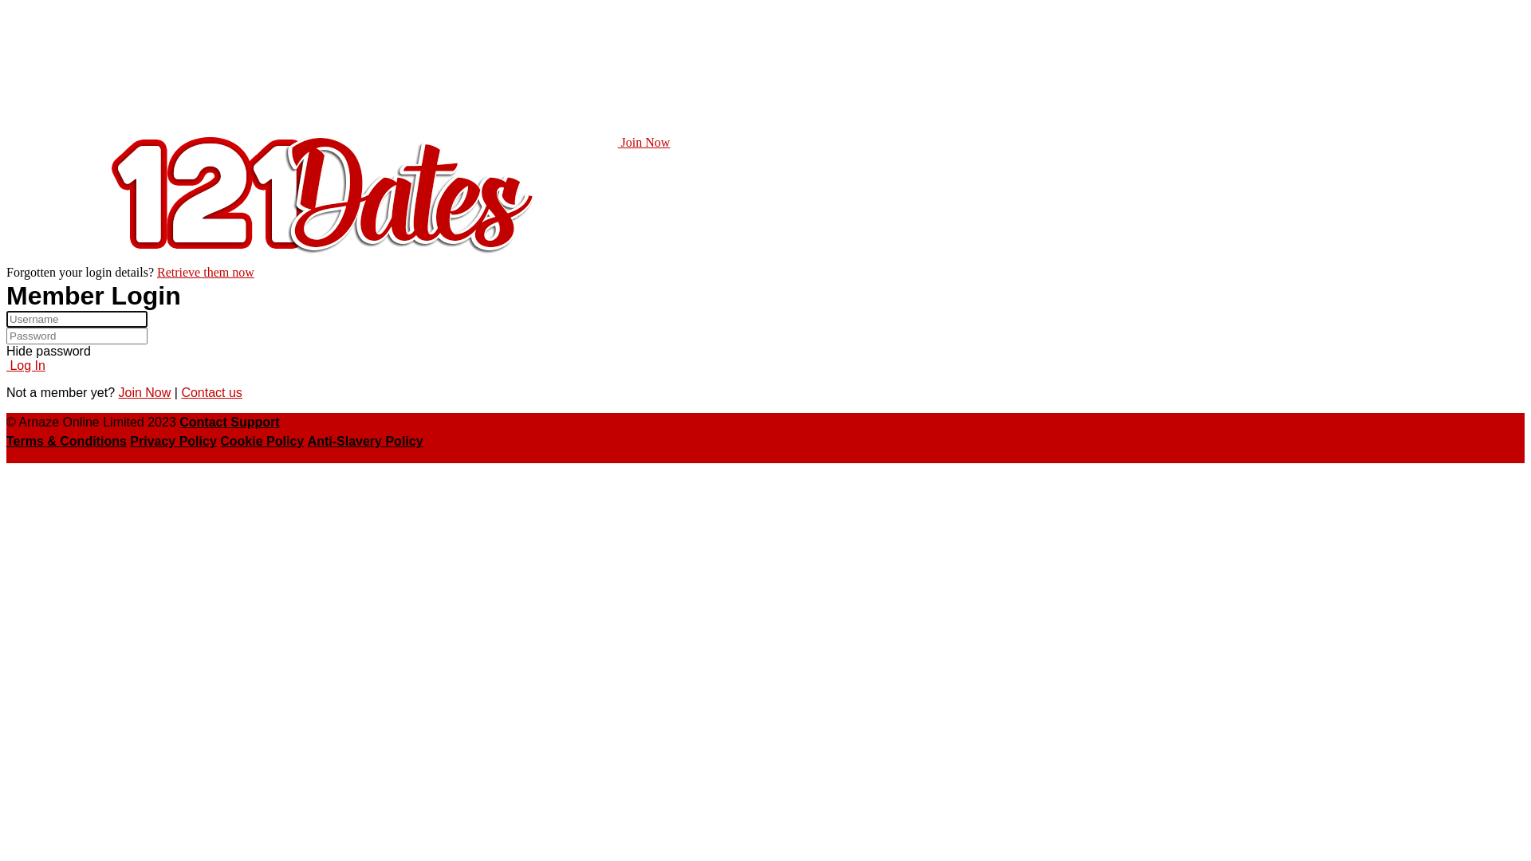 This screenshot has width=1531, height=861. What do you see at coordinates (205, 271) in the screenshot?
I see `'Retrieve them now'` at bounding box center [205, 271].